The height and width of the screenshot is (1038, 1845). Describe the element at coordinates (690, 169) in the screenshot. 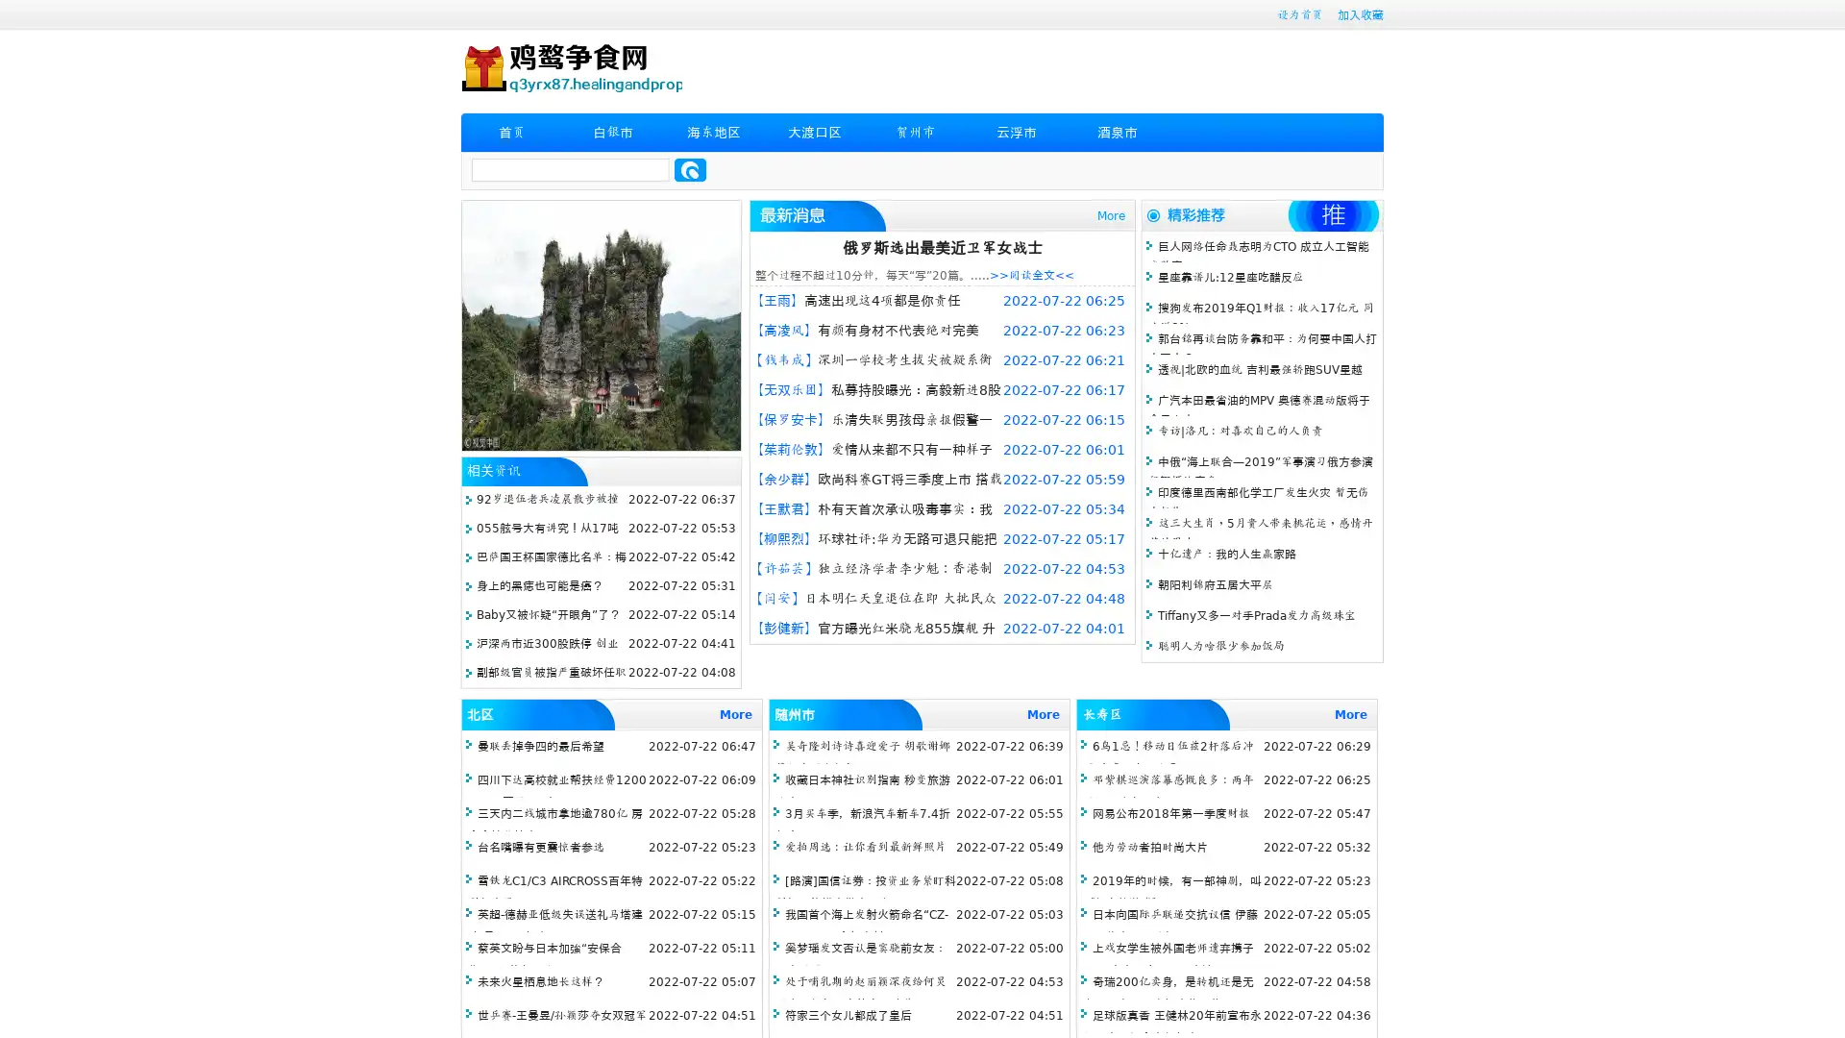

I see `Search` at that location.